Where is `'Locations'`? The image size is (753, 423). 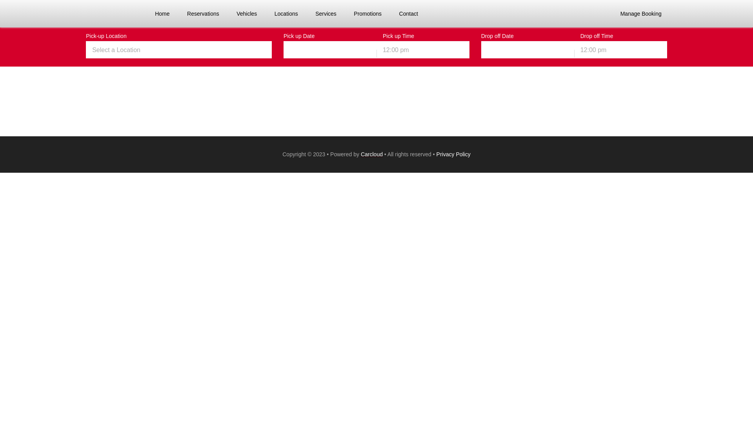
'Locations' is located at coordinates (286, 13).